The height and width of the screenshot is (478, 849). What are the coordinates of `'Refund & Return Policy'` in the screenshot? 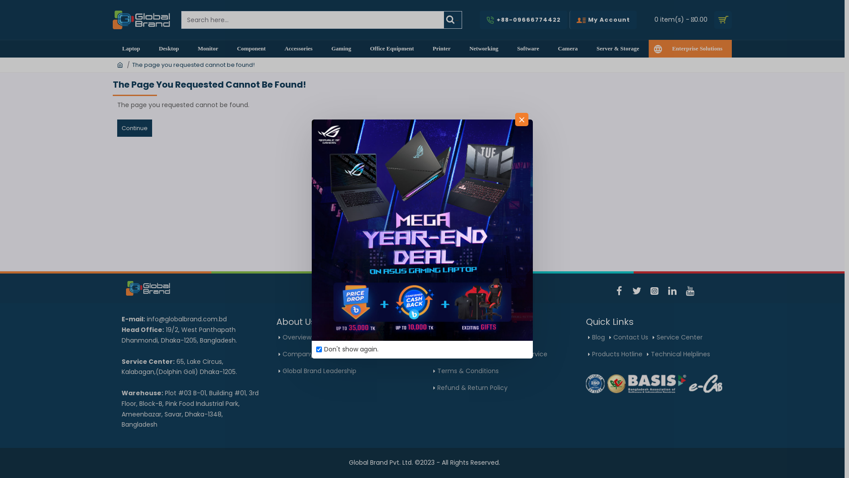 It's located at (470, 387).